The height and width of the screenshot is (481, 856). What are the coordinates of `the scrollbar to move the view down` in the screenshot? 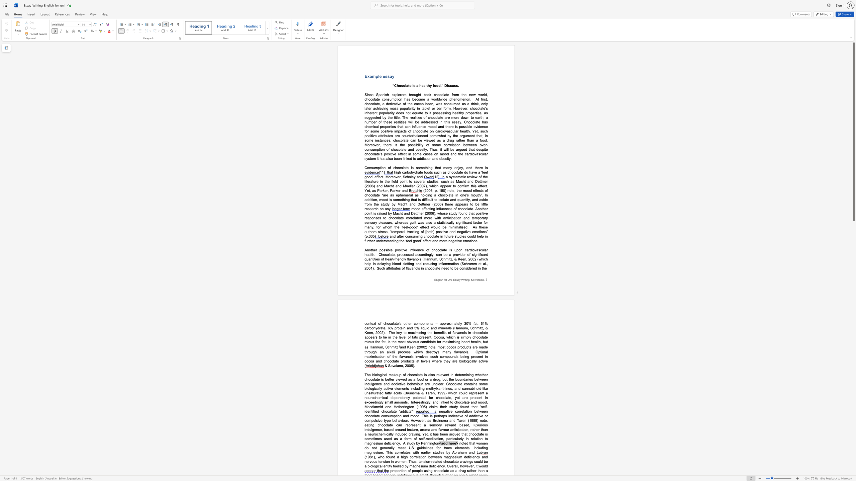 It's located at (853, 421).